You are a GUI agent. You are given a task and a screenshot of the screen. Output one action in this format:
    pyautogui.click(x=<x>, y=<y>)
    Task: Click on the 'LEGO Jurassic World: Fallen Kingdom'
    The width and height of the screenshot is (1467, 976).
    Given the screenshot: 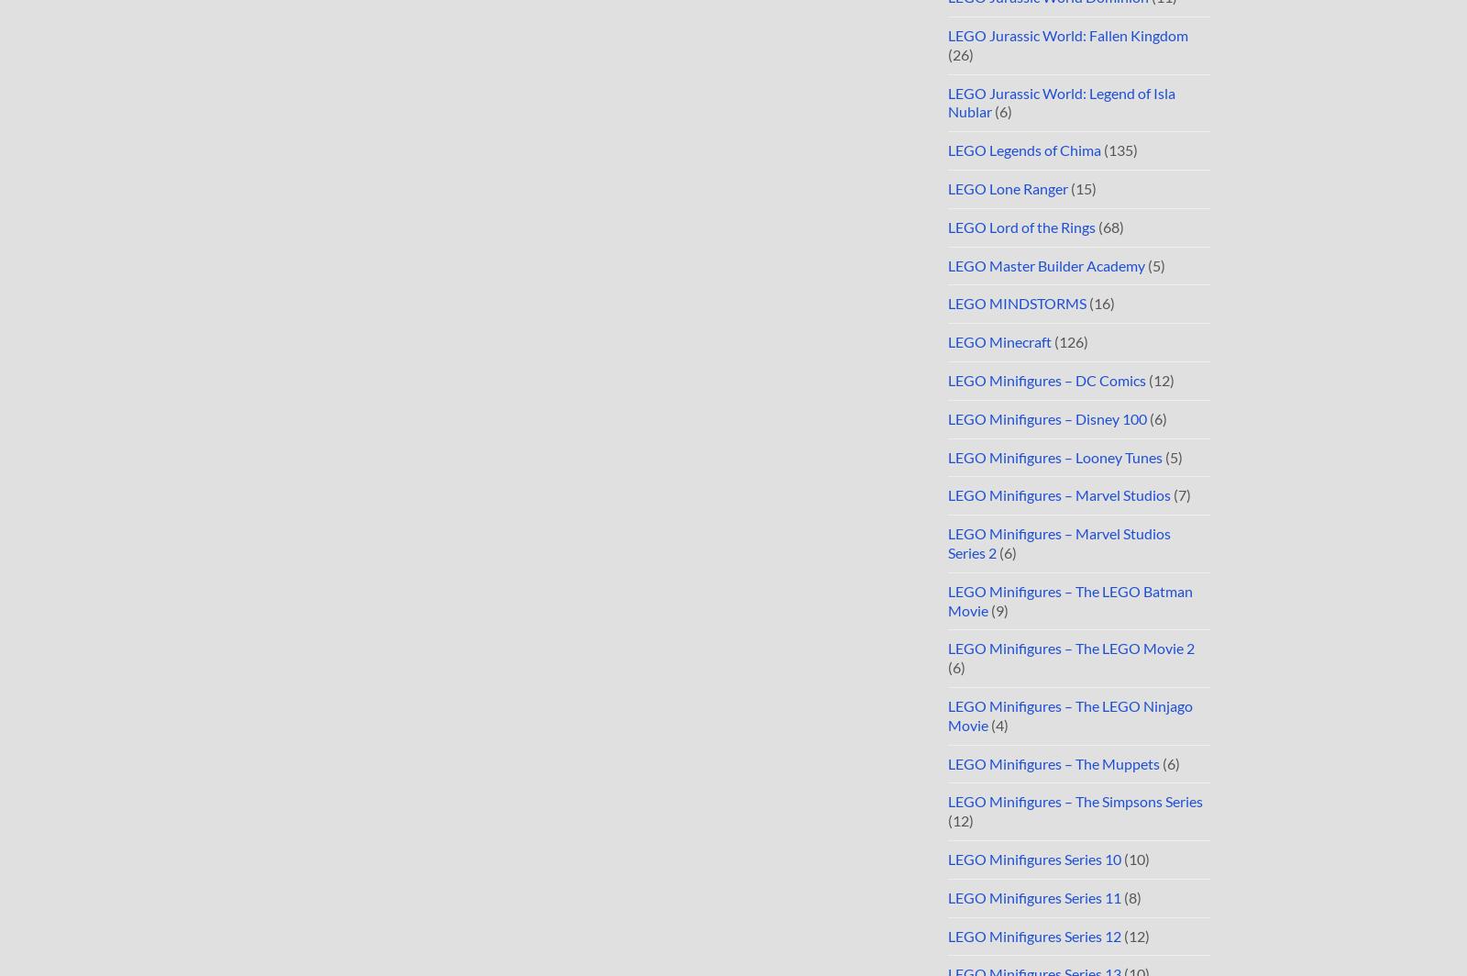 What is the action you would take?
    pyautogui.click(x=1067, y=35)
    